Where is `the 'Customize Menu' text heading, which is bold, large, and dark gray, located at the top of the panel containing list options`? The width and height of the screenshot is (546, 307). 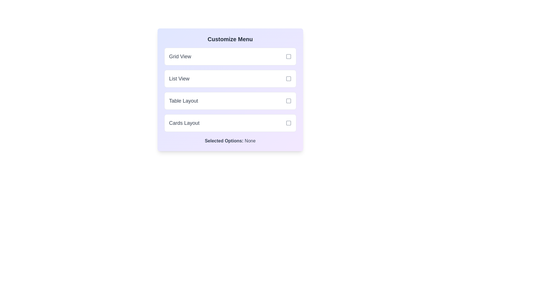 the 'Customize Menu' text heading, which is bold, large, and dark gray, located at the top of the panel containing list options is located at coordinates (230, 39).